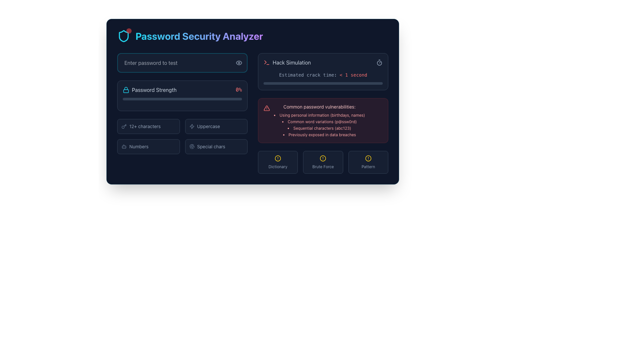  I want to click on the icon button located near the right end of the password input field with placeholder text 'Enter password to test', so click(238, 63).